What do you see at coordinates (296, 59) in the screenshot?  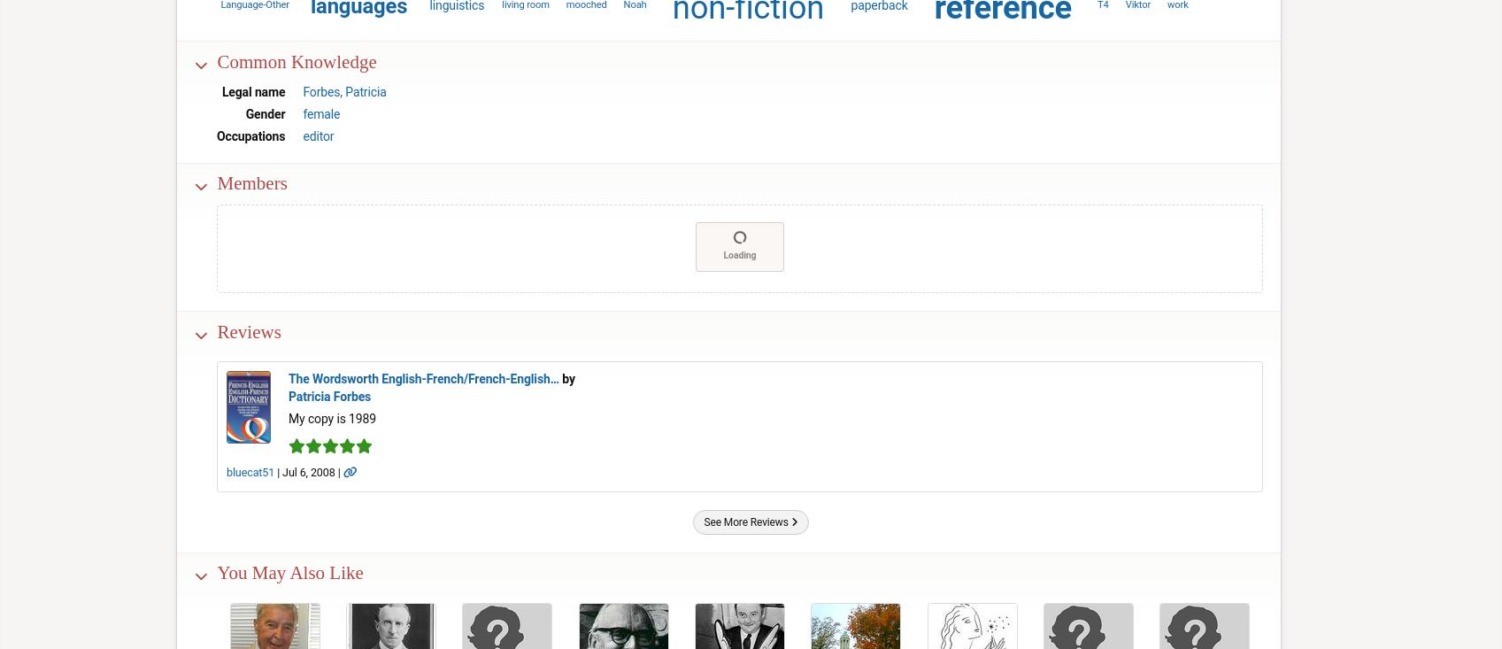 I see `'Common Knowledge'` at bounding box center [296, 59].